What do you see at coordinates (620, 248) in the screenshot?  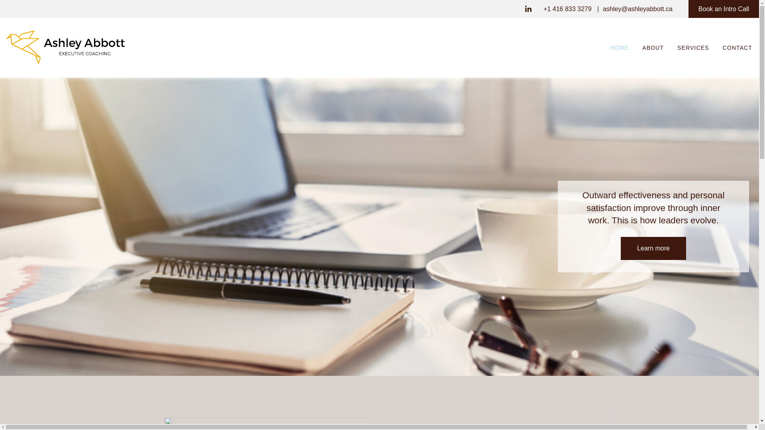 I see `'Learn more'` at bounding box center [620, 248].